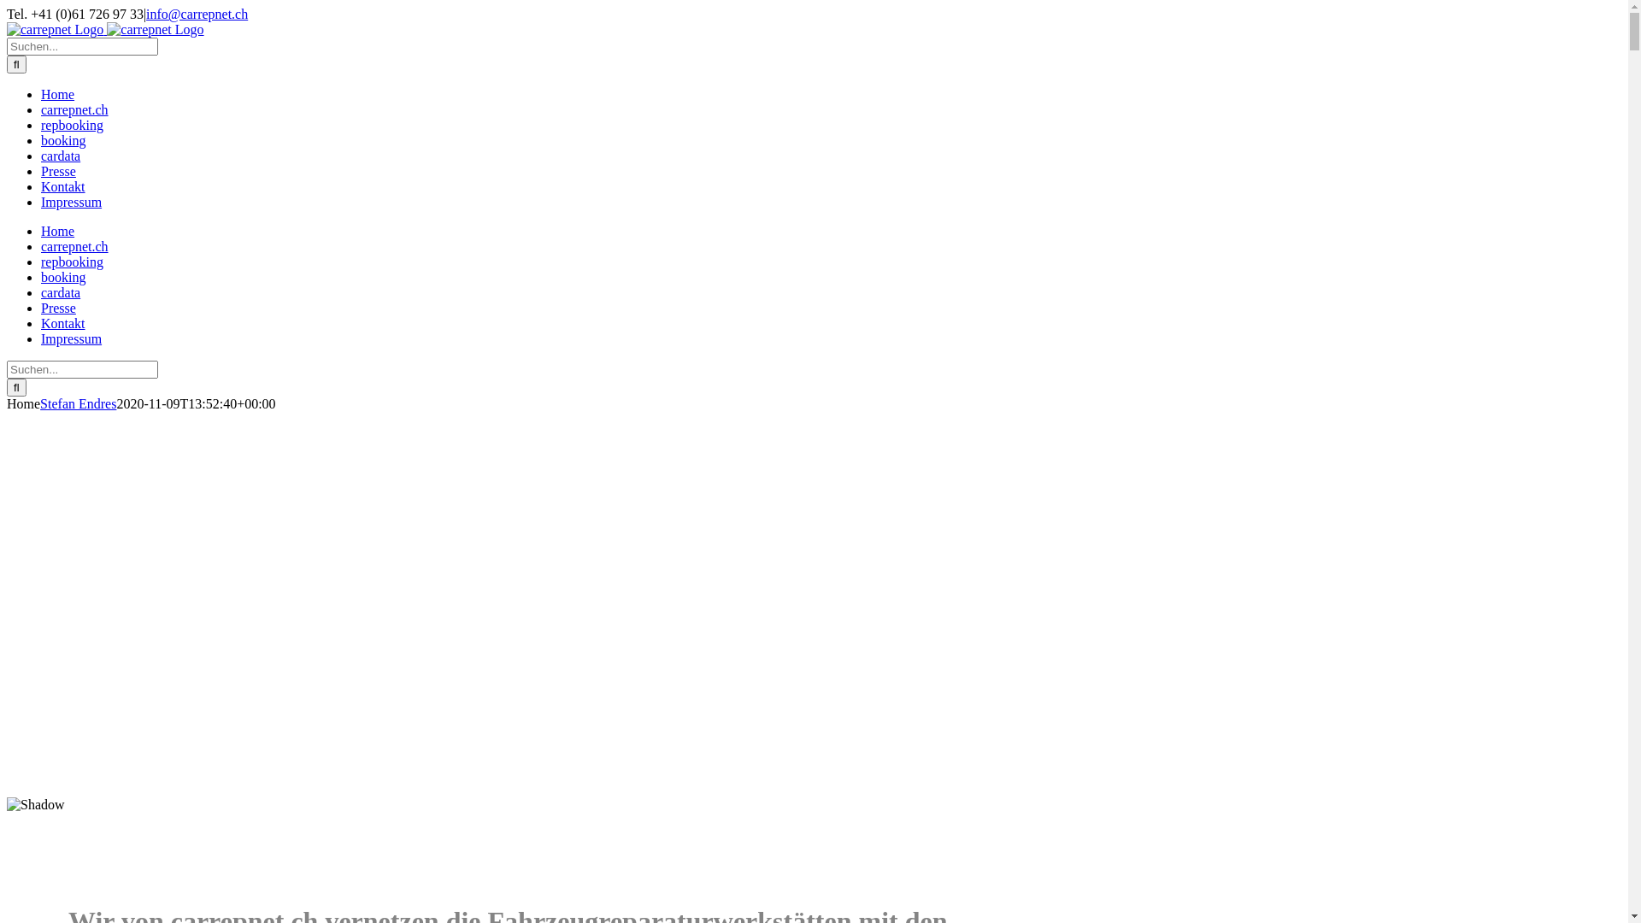 Image resolution: width=1641 pixels, height=923 pixels. I want to click on 'cardata', so click(61, 156).